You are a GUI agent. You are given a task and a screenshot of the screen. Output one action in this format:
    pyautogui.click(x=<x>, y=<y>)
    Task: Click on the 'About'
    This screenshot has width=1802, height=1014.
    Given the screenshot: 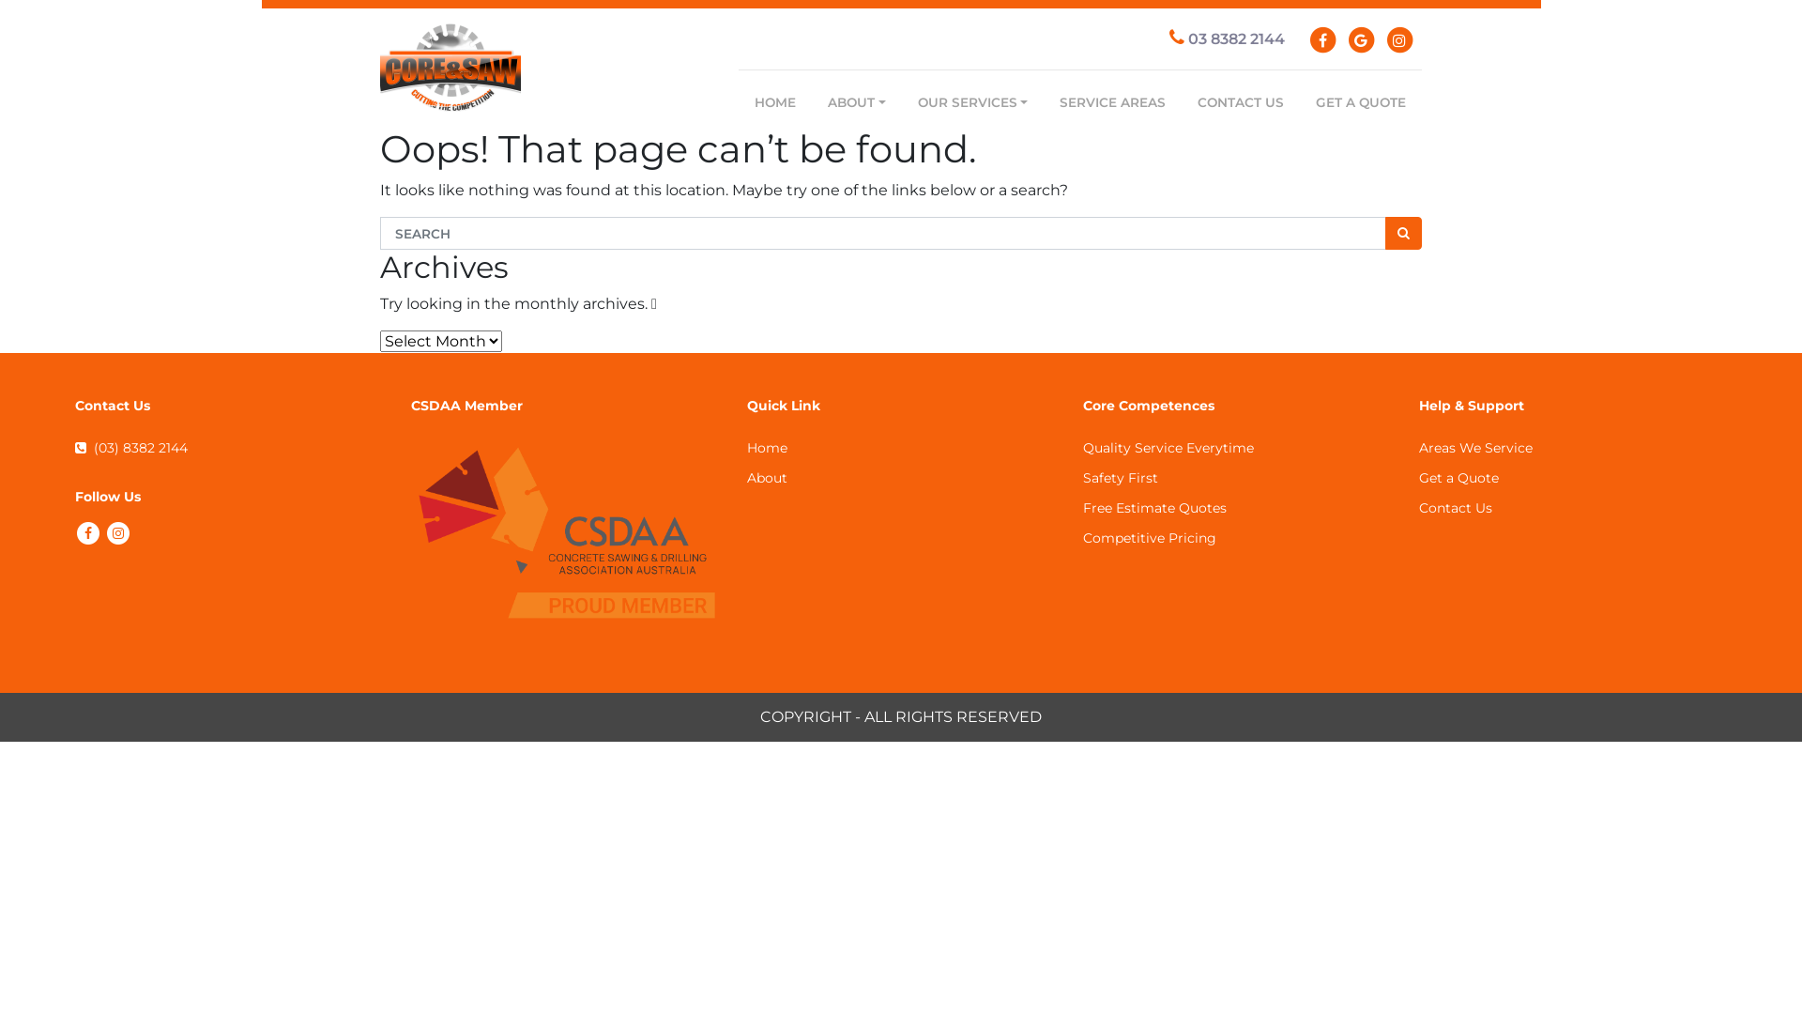 What is the action you would take?
    pyautogui.click(x=767, y=477)
    